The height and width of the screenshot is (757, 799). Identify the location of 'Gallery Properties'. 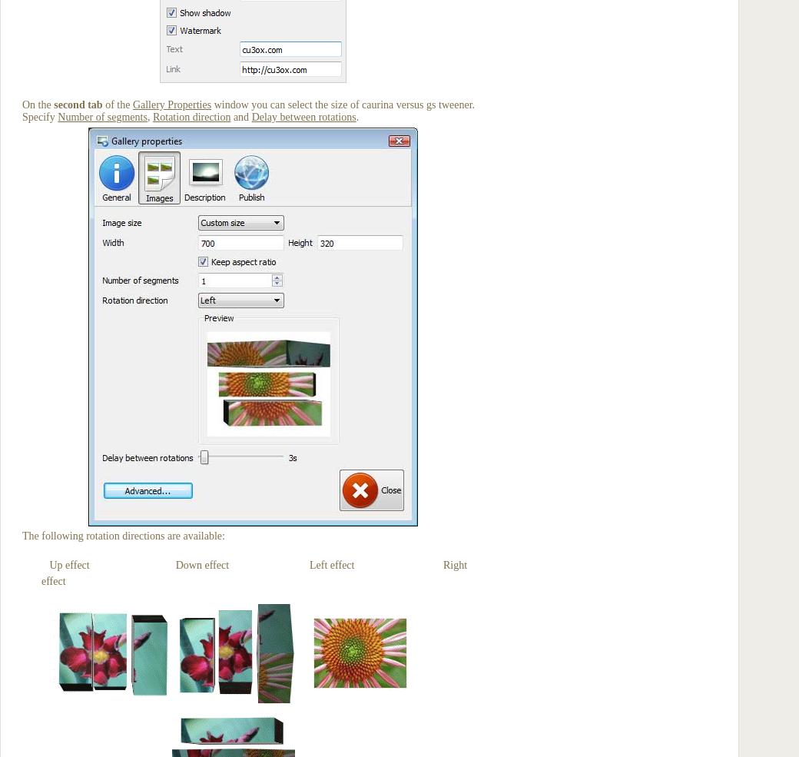
(171, 105).